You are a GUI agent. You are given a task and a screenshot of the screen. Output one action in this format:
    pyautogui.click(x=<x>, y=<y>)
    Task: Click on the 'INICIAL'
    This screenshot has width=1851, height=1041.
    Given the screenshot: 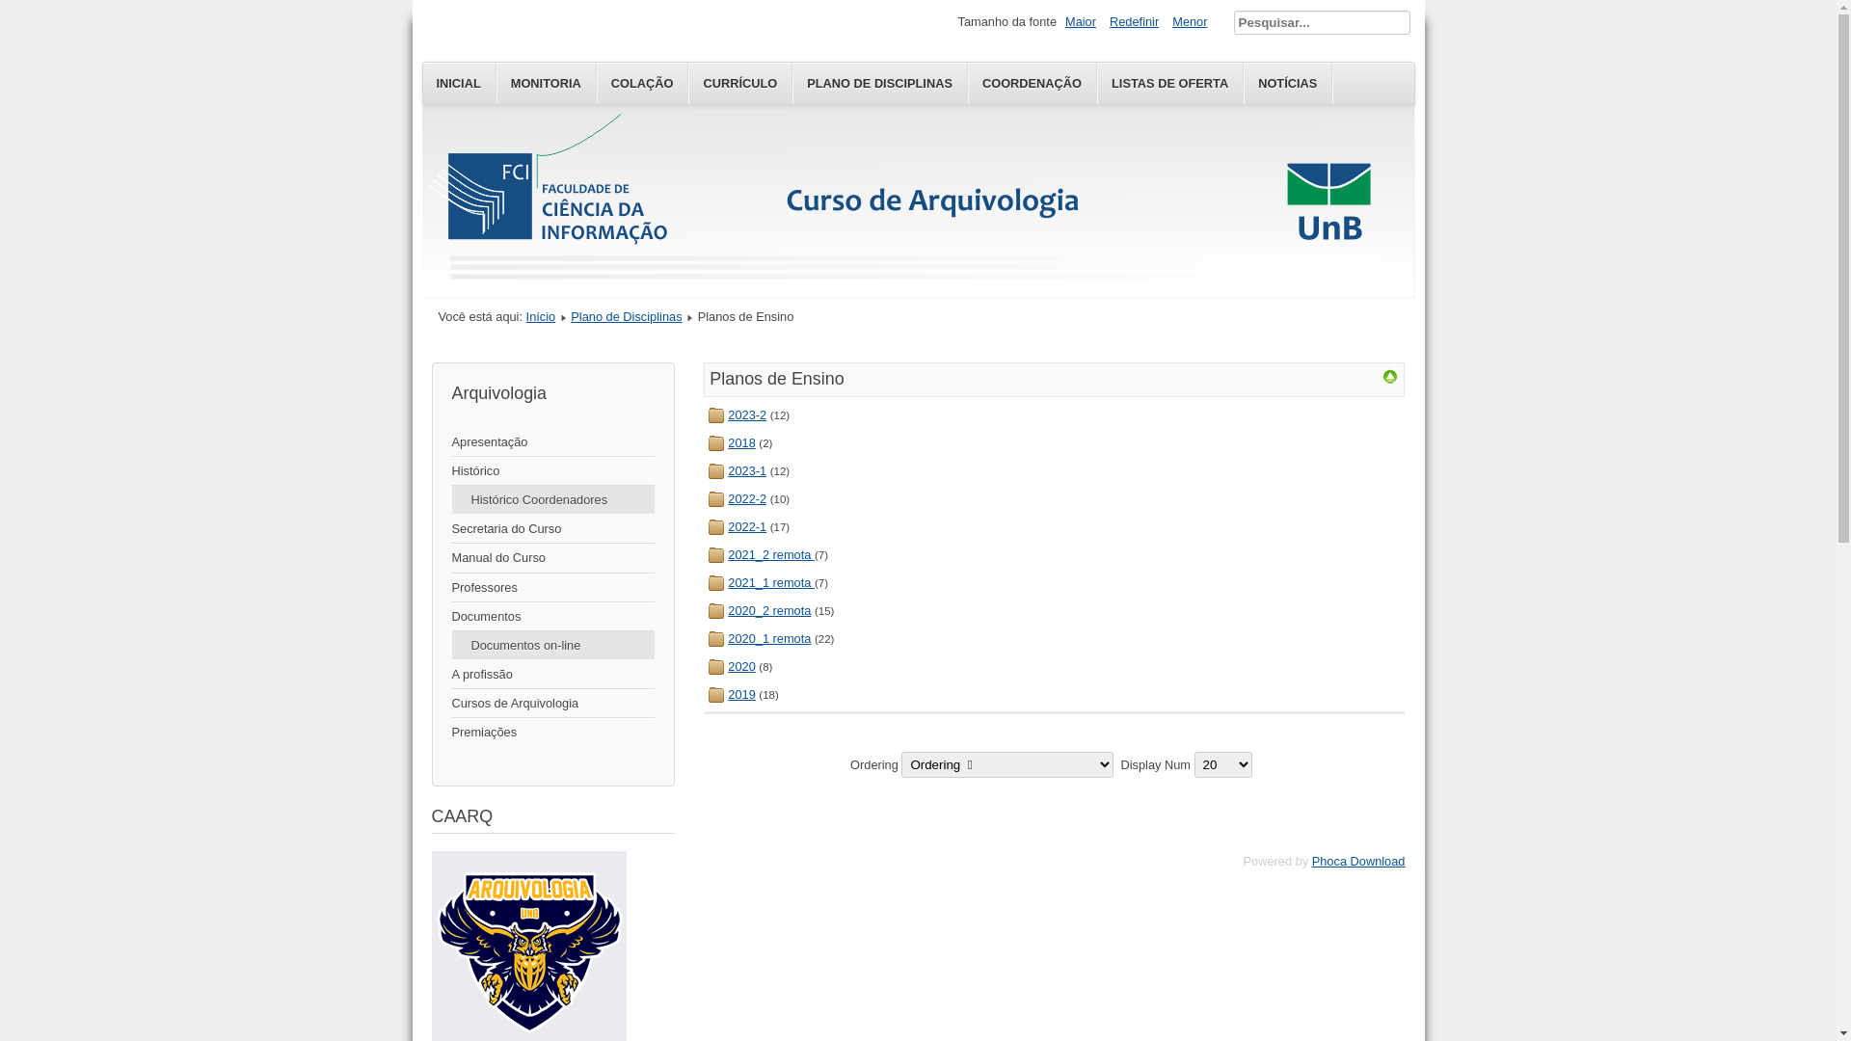 What is the action you would take?
    pyautogui.click(x=458, y=82)
    